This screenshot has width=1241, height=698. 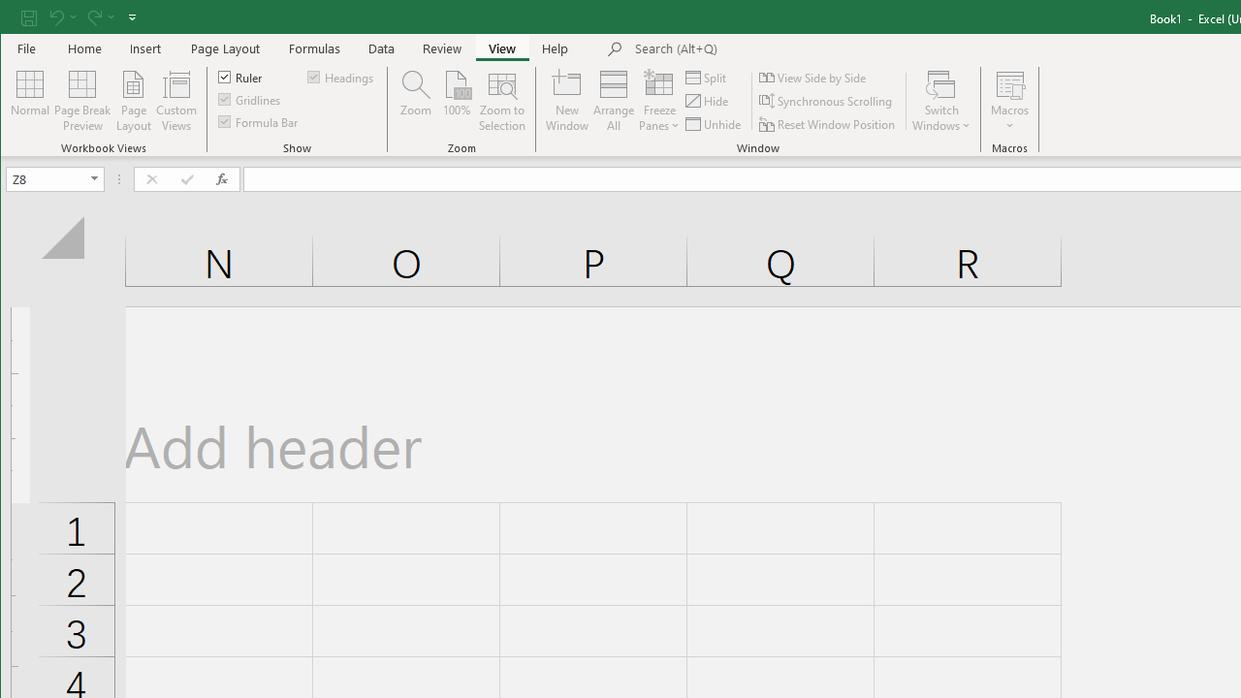 I want to click on 'Review', so click(x=441, y=48).